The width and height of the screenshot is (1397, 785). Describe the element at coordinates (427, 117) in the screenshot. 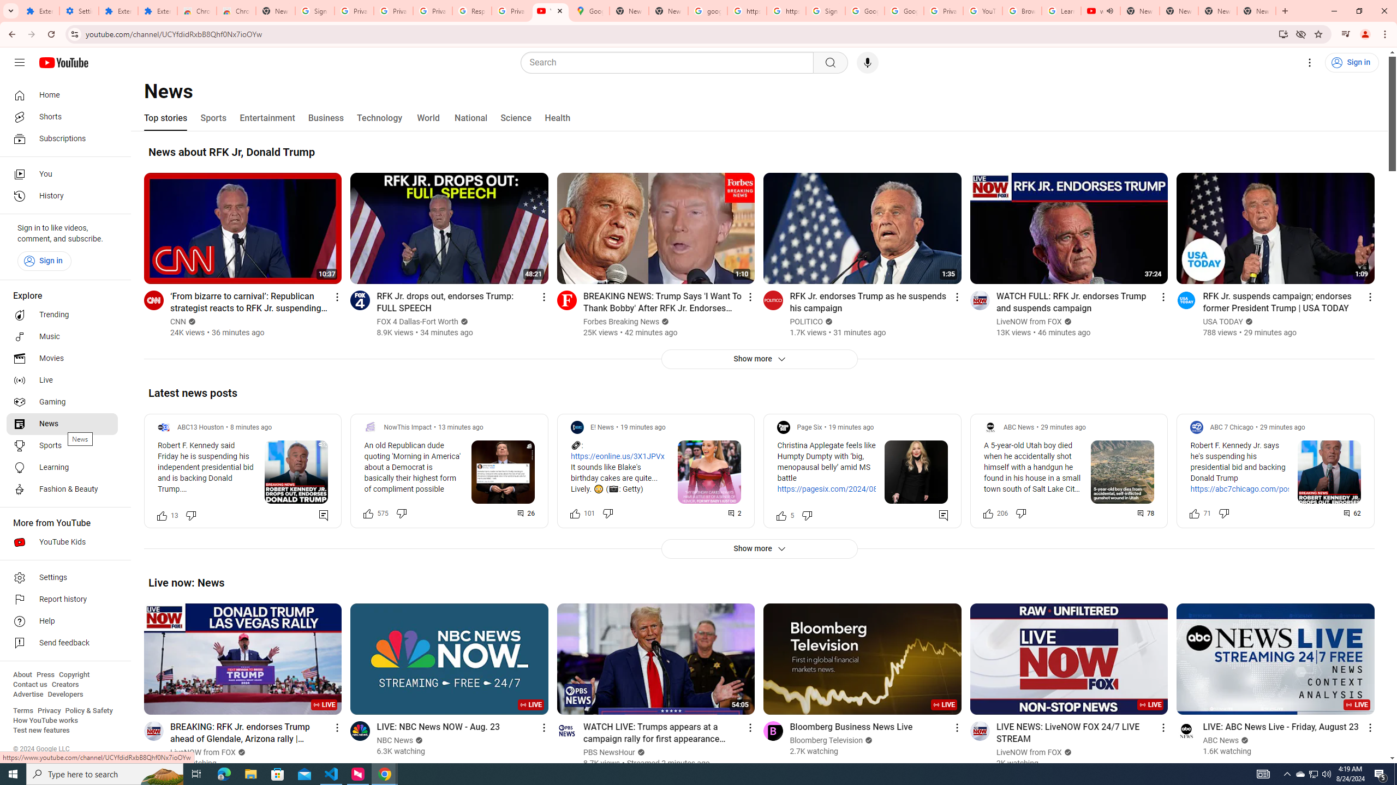

I see `'World'` at that location.